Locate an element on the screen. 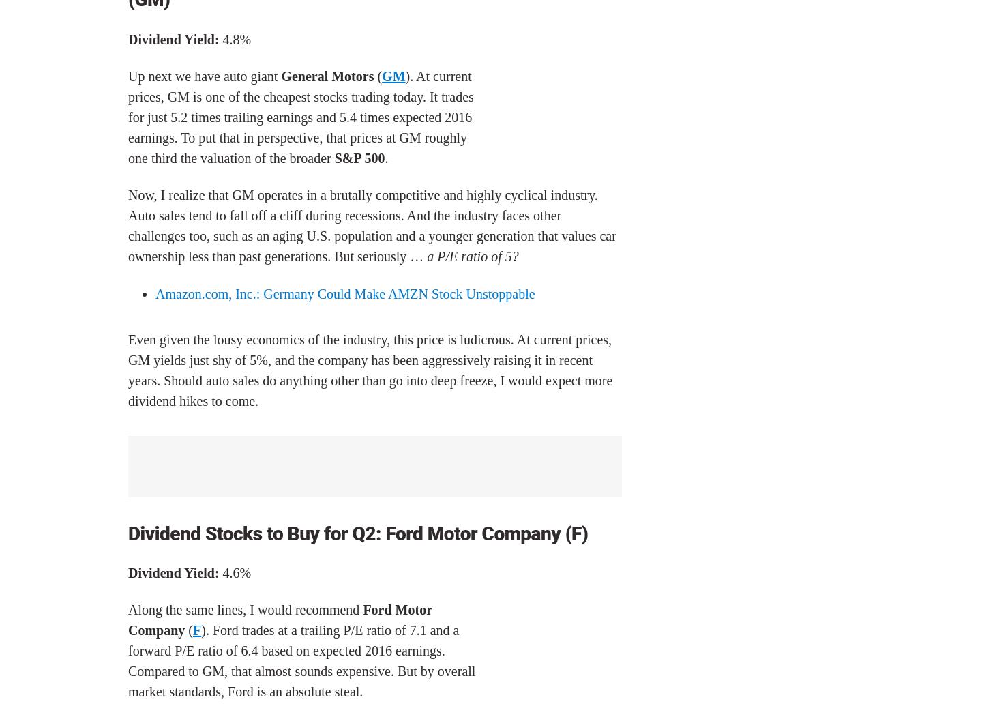 The image size is (982, 704). 'a P/E ratio of 5?' is located at coordinates (473, 256).